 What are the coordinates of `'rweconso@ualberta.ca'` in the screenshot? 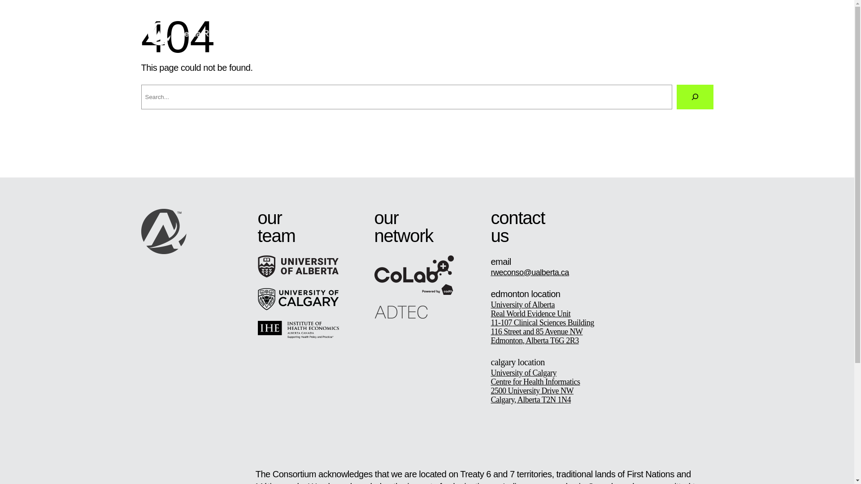 It's located at (529, 272).